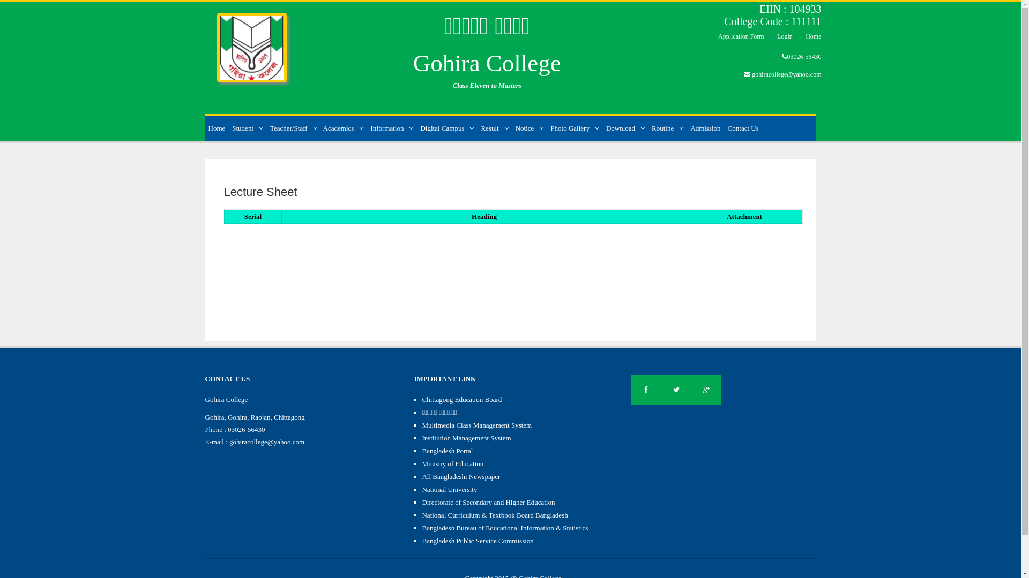 The image size is (1029, 578). What do you see at coordinates (367, 127) in the screenshot?
I see `'Information'` at bounding box center [367, 127].